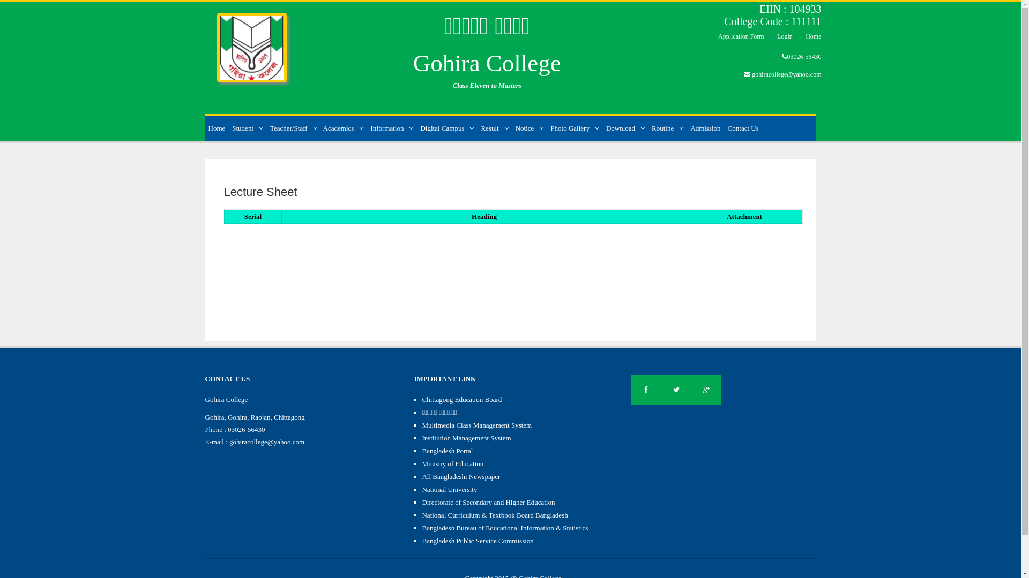 The image size is (1029, 578). What do you see at coordinates (367, 127) in the screenshot?
I see `'Information'` at bounding box center [367, 127].